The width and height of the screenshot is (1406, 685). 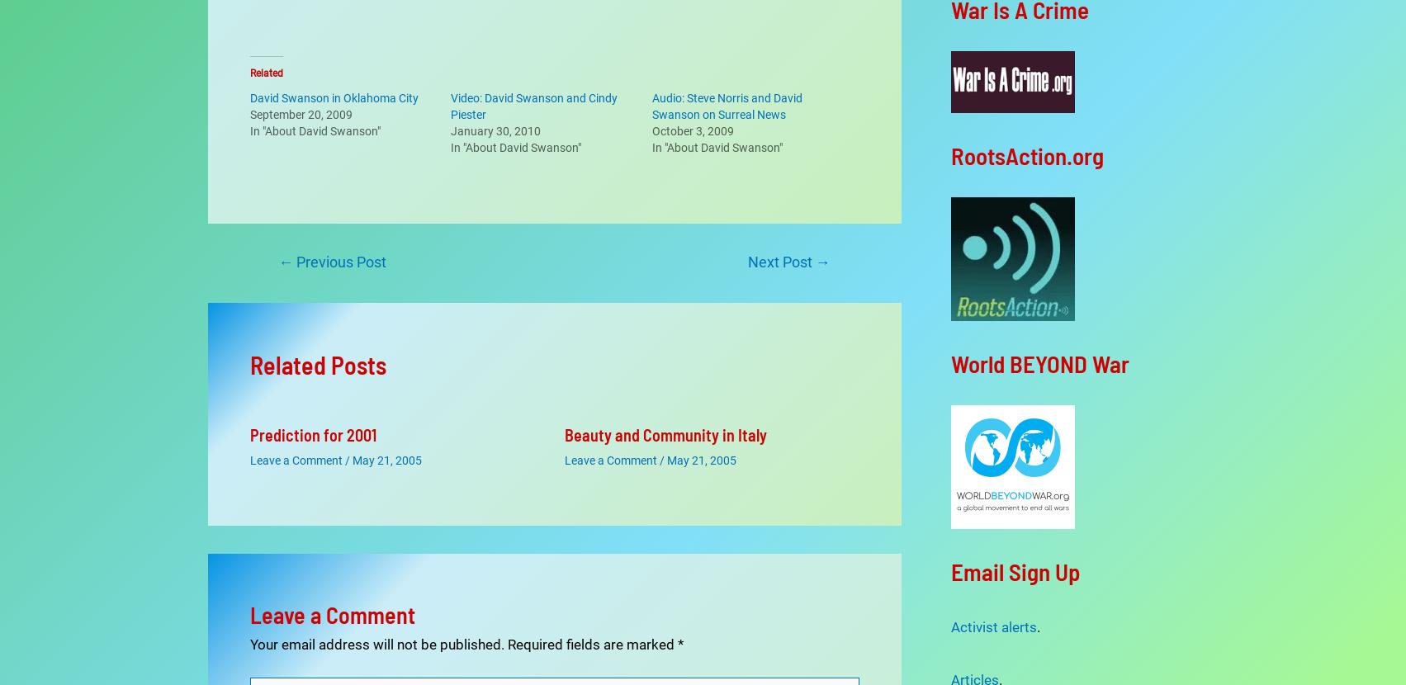 I want to click on 'World BEYOND War', so click(x=1039, y=362).